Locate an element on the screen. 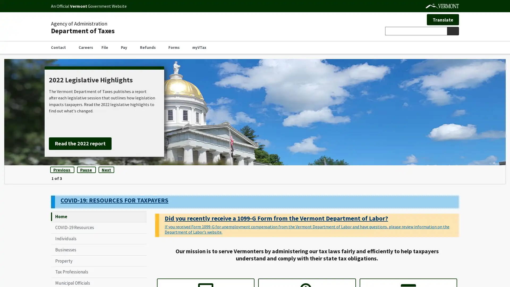 The width and height of the screenshot is (510, 287). File is located at coordinates (107, 47).